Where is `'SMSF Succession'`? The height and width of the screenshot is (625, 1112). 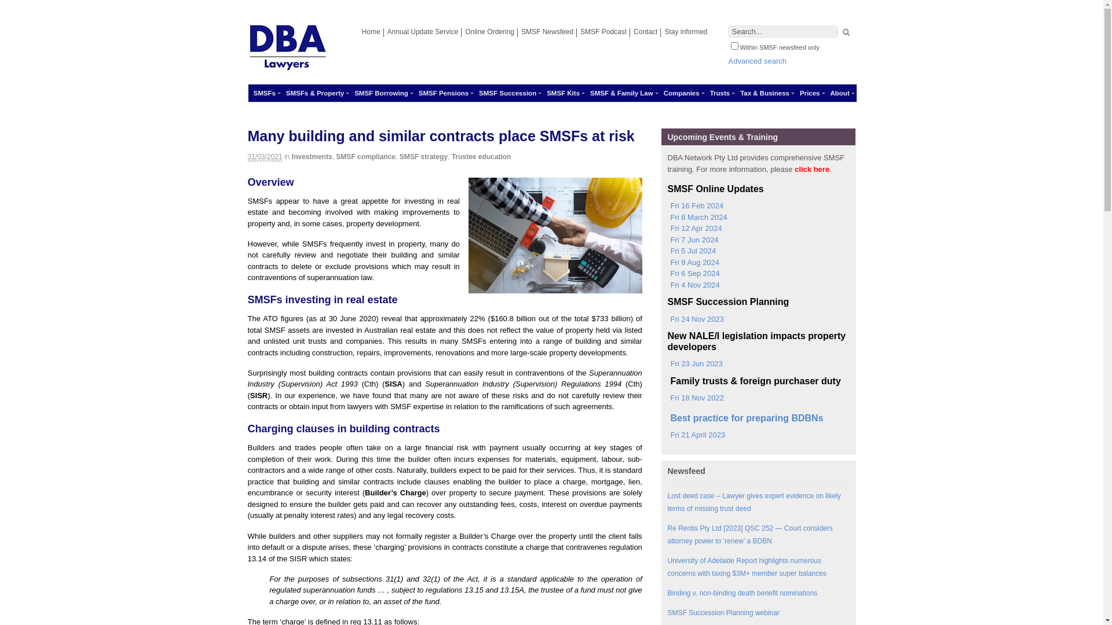
'SMSF Succession' is located at coordinates (473, 93).